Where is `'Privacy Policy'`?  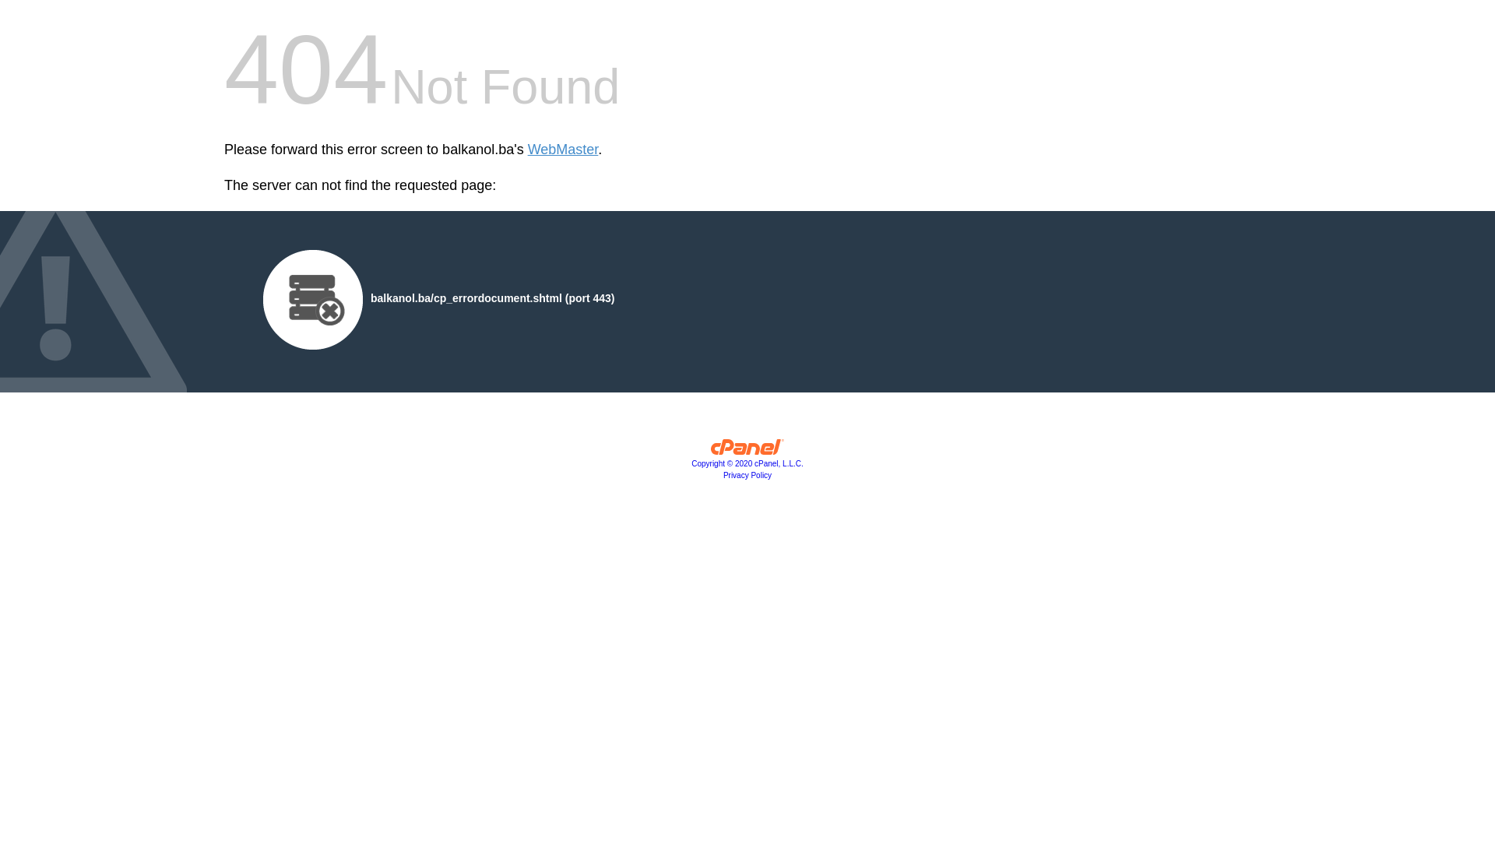 'Privacy Policy' is located at coordinates (747, 474).